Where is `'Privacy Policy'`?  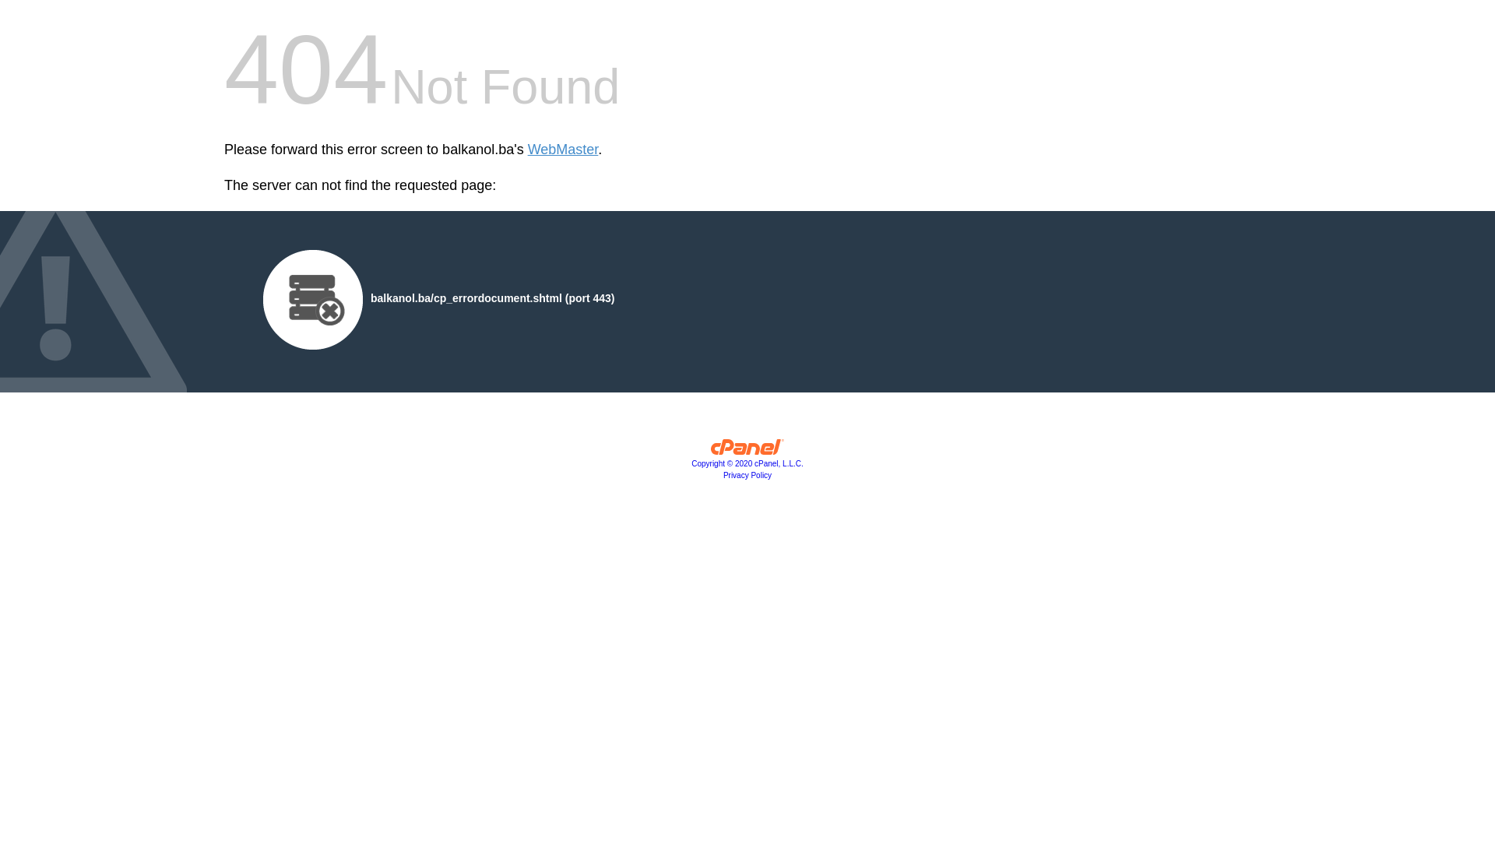 'Privacy Policy' is located at coordinates (747, 474).